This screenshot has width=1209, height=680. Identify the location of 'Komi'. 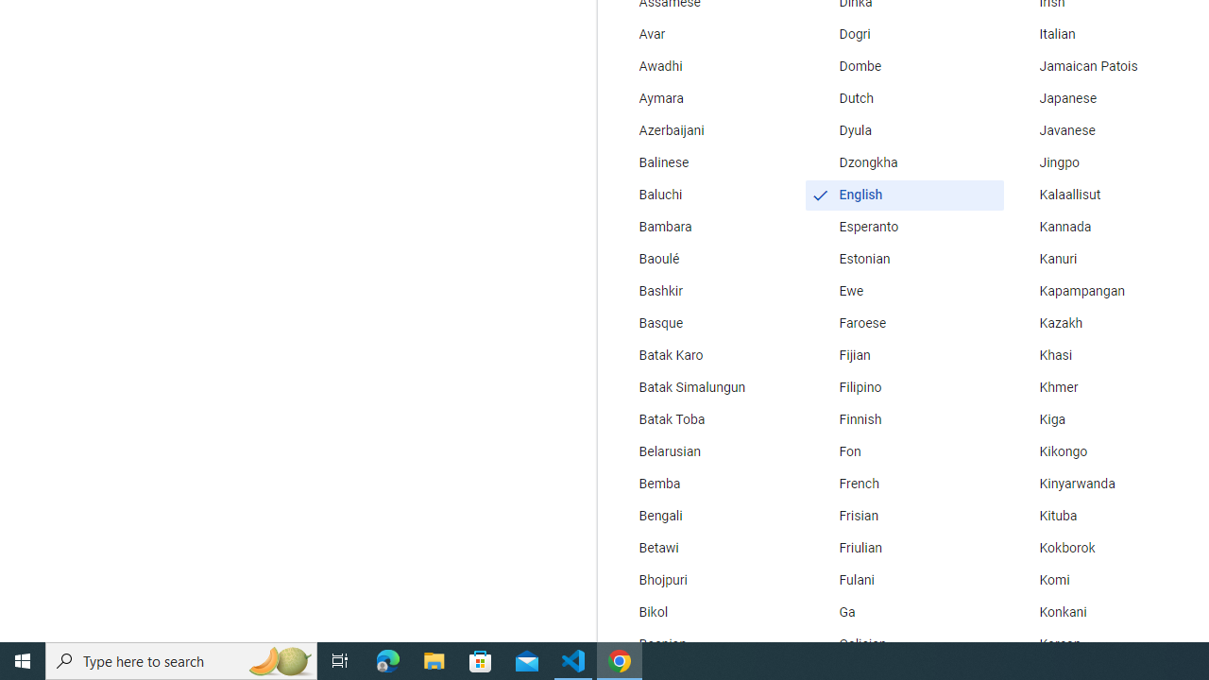
(1104, 579).